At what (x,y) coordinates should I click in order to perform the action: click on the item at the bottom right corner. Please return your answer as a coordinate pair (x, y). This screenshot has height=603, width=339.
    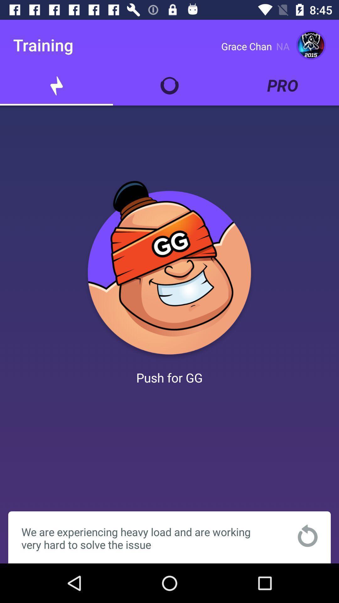
    Looking at the image, I should click on (307, 535).